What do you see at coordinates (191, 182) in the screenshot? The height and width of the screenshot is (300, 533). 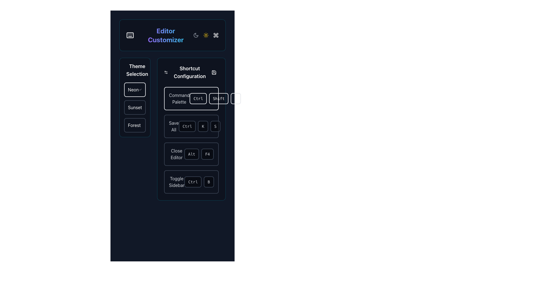 I see `the 'Toggle Sidebar' button, which has a dark background with rounded corners and is located at the bottom of the 'Shortcut Configuration' section` at bounding box center [191, 182].